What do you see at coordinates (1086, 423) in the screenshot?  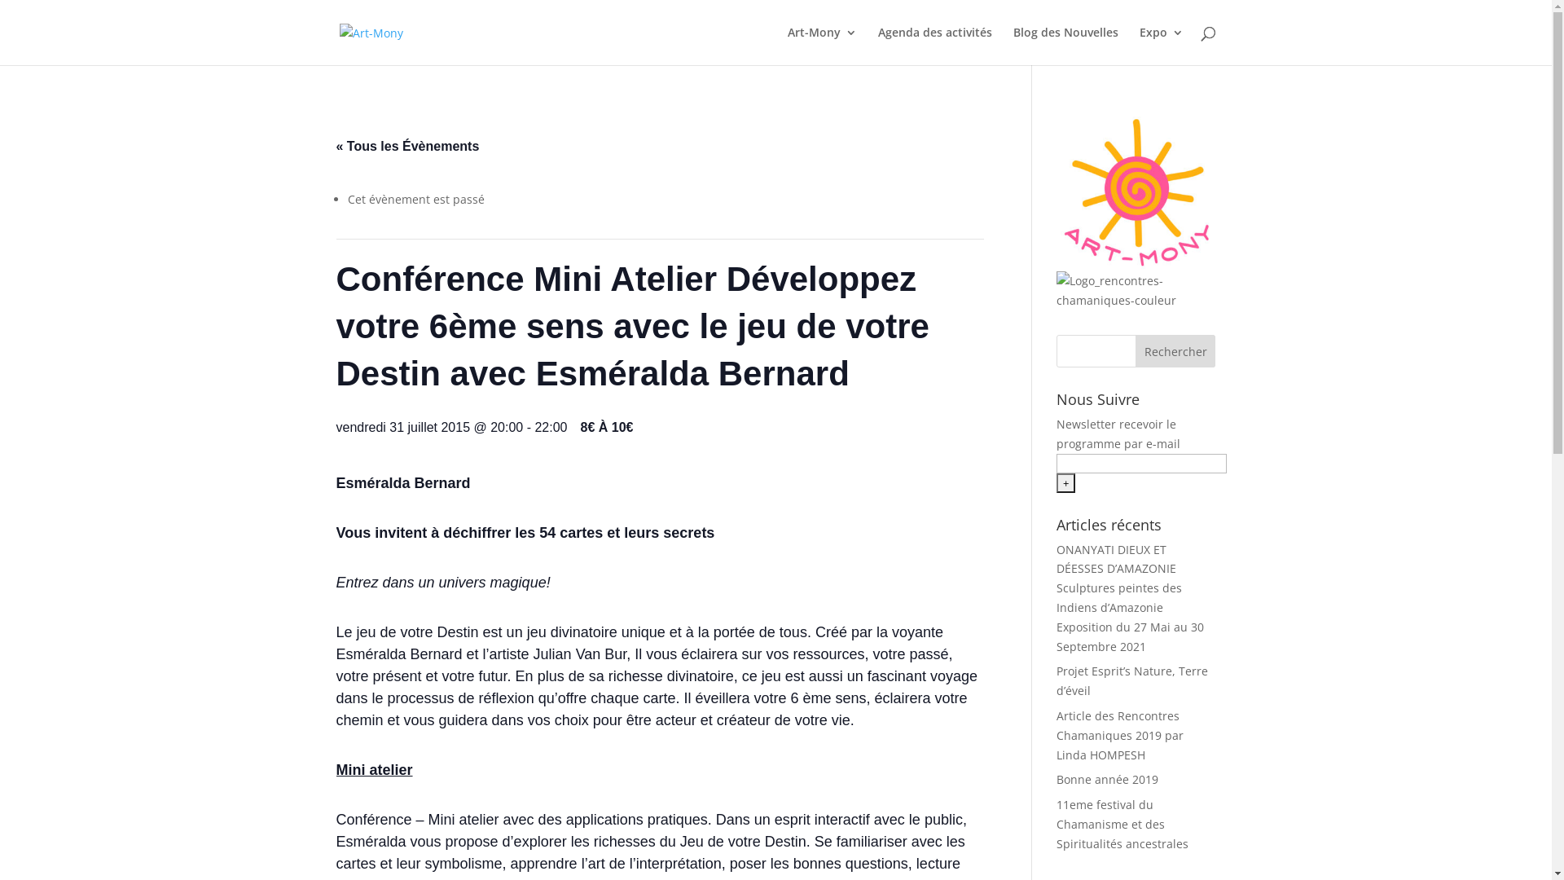 I see `'Newsletter'` at bounding box center [1086, 423].